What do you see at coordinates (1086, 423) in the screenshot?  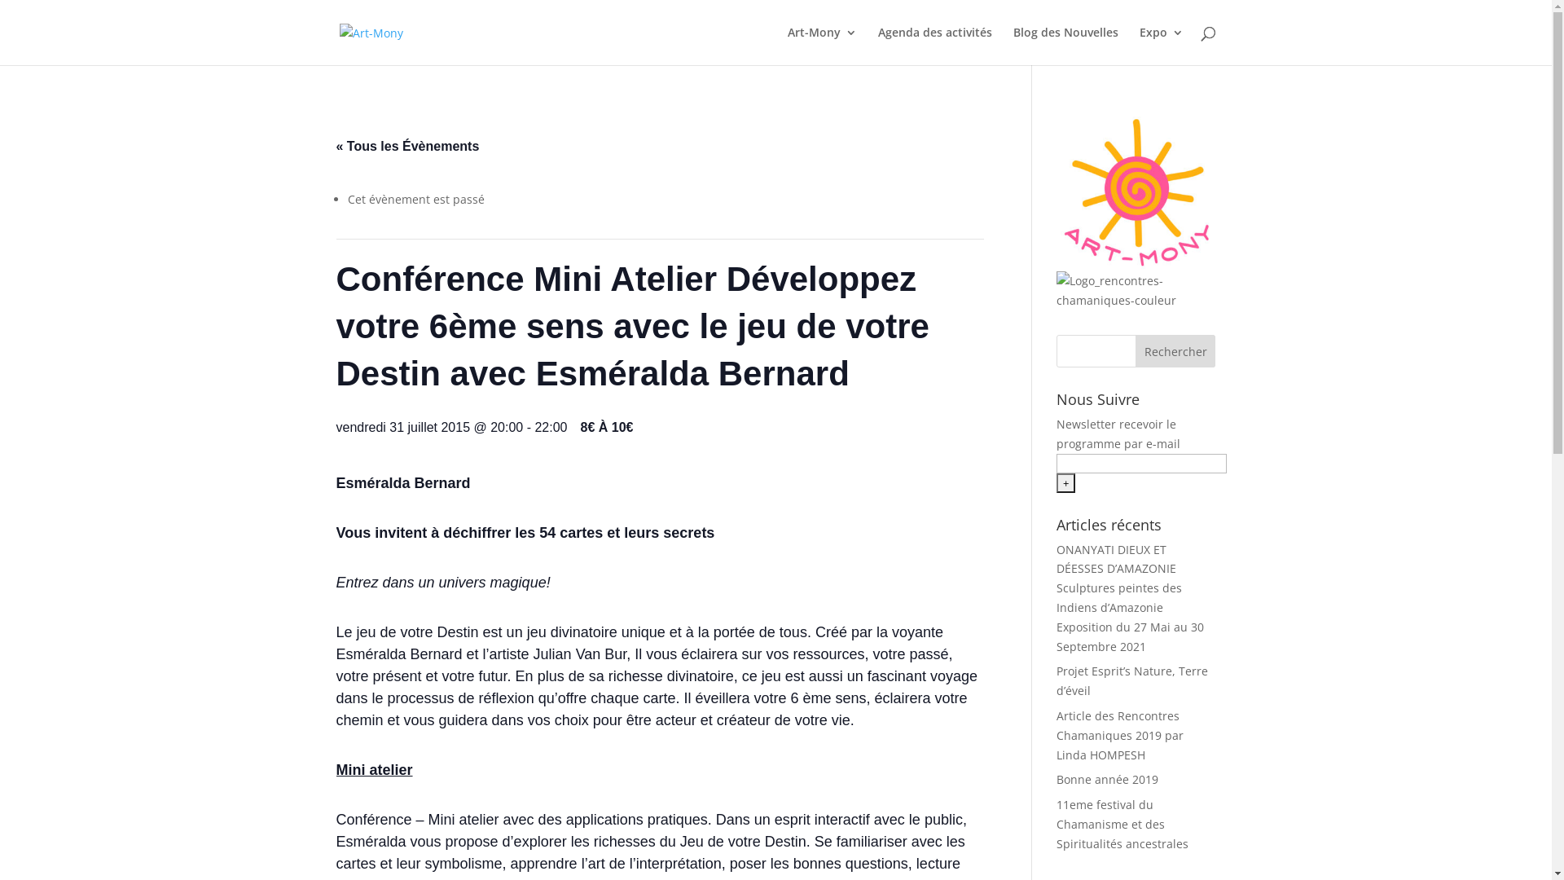 I see `'Newsletter'` at bounding box center [1086, 423].